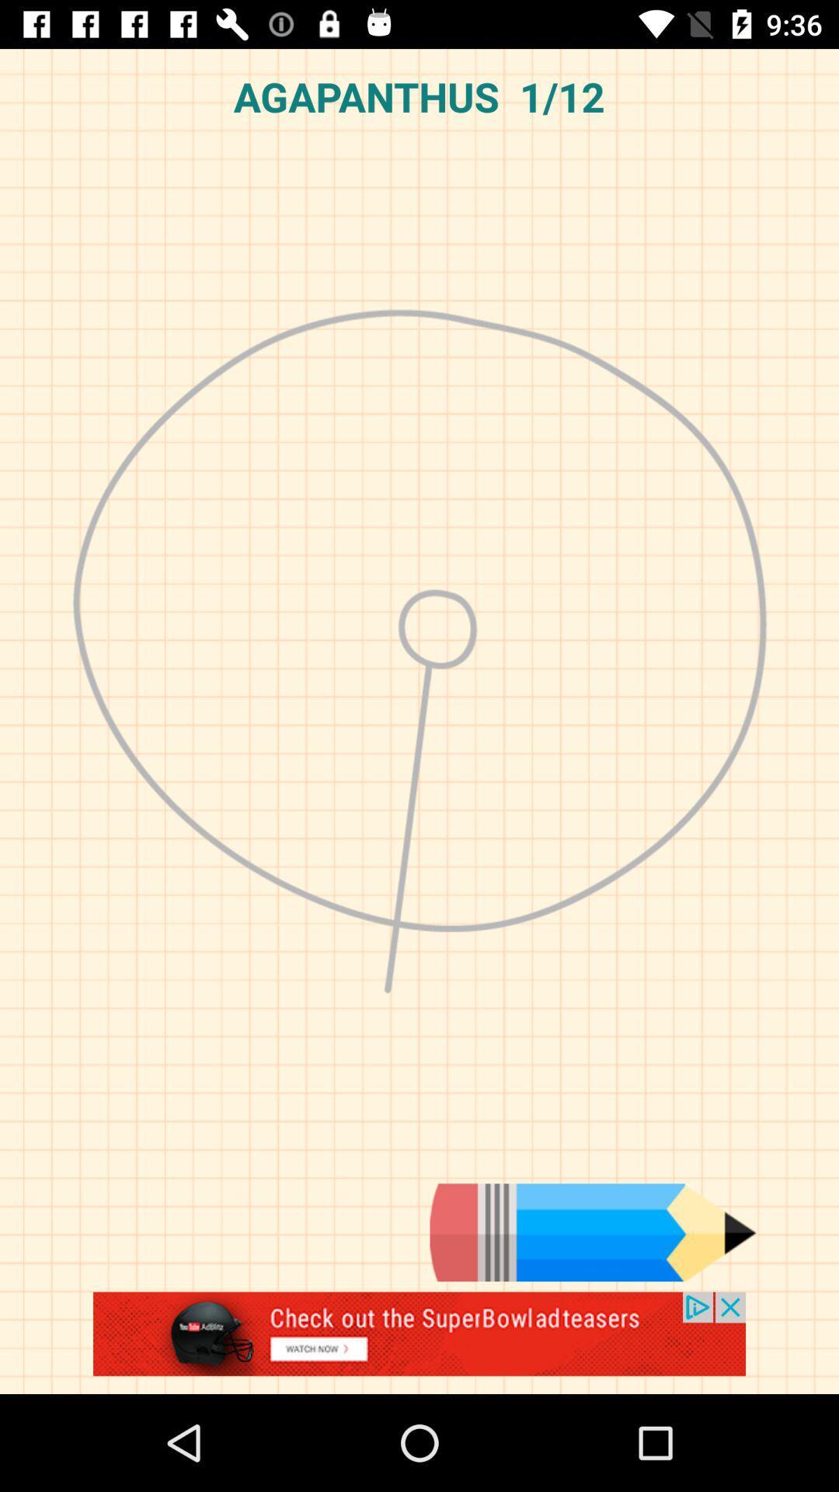  What do you see at coordinates (419, 1342) in the screenshot?
I see `the advertisement` at bounding box center [419, 1342].